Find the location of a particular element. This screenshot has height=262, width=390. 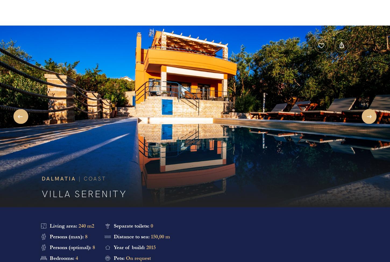

'5,00' is located at coordinates (194, 111).